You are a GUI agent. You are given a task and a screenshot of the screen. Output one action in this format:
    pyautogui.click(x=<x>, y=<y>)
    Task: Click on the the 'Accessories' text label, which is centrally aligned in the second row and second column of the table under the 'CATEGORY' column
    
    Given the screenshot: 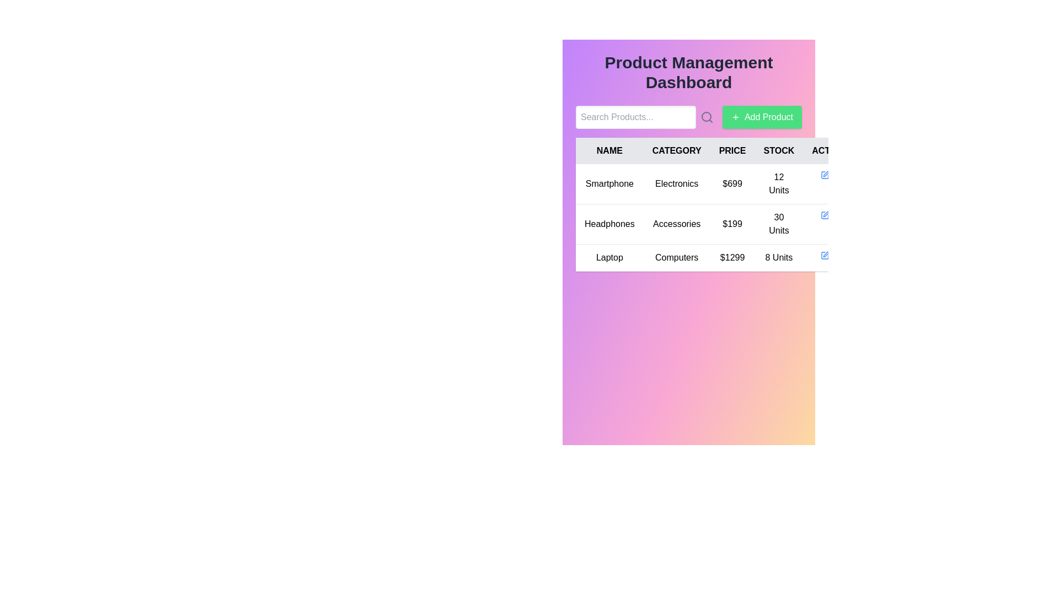 What is the action you would take?
    pyautogui.click(x=676, y=224)
    